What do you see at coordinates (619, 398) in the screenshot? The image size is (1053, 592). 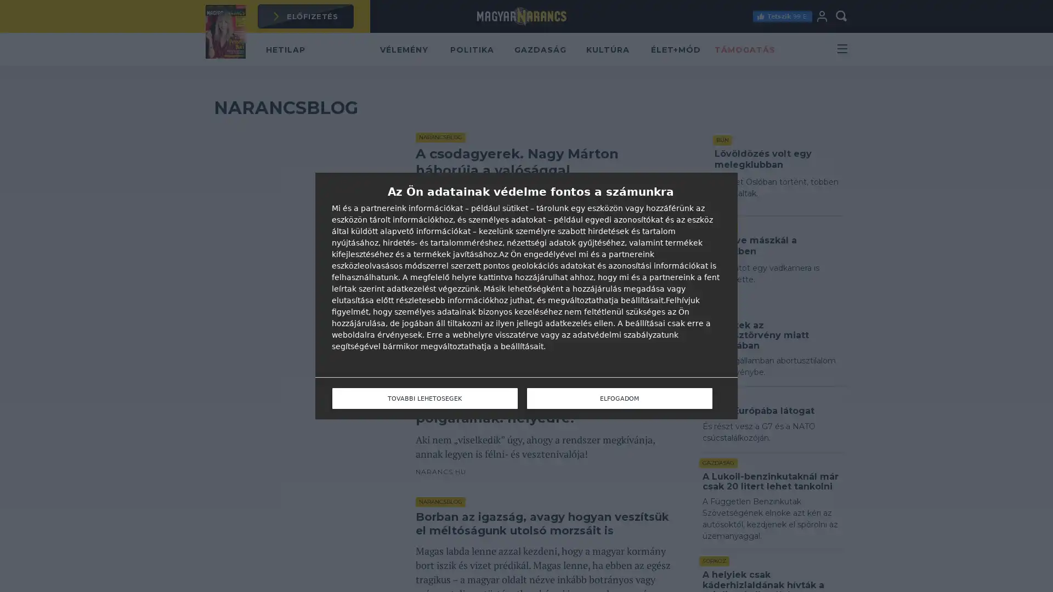 I see `ELFOGADOM` at bounding box center [619, 398].